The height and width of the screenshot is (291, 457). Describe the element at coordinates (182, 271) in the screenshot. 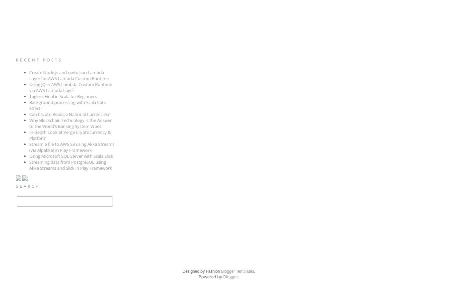

I see `'Designed by Fashion'` at that location.